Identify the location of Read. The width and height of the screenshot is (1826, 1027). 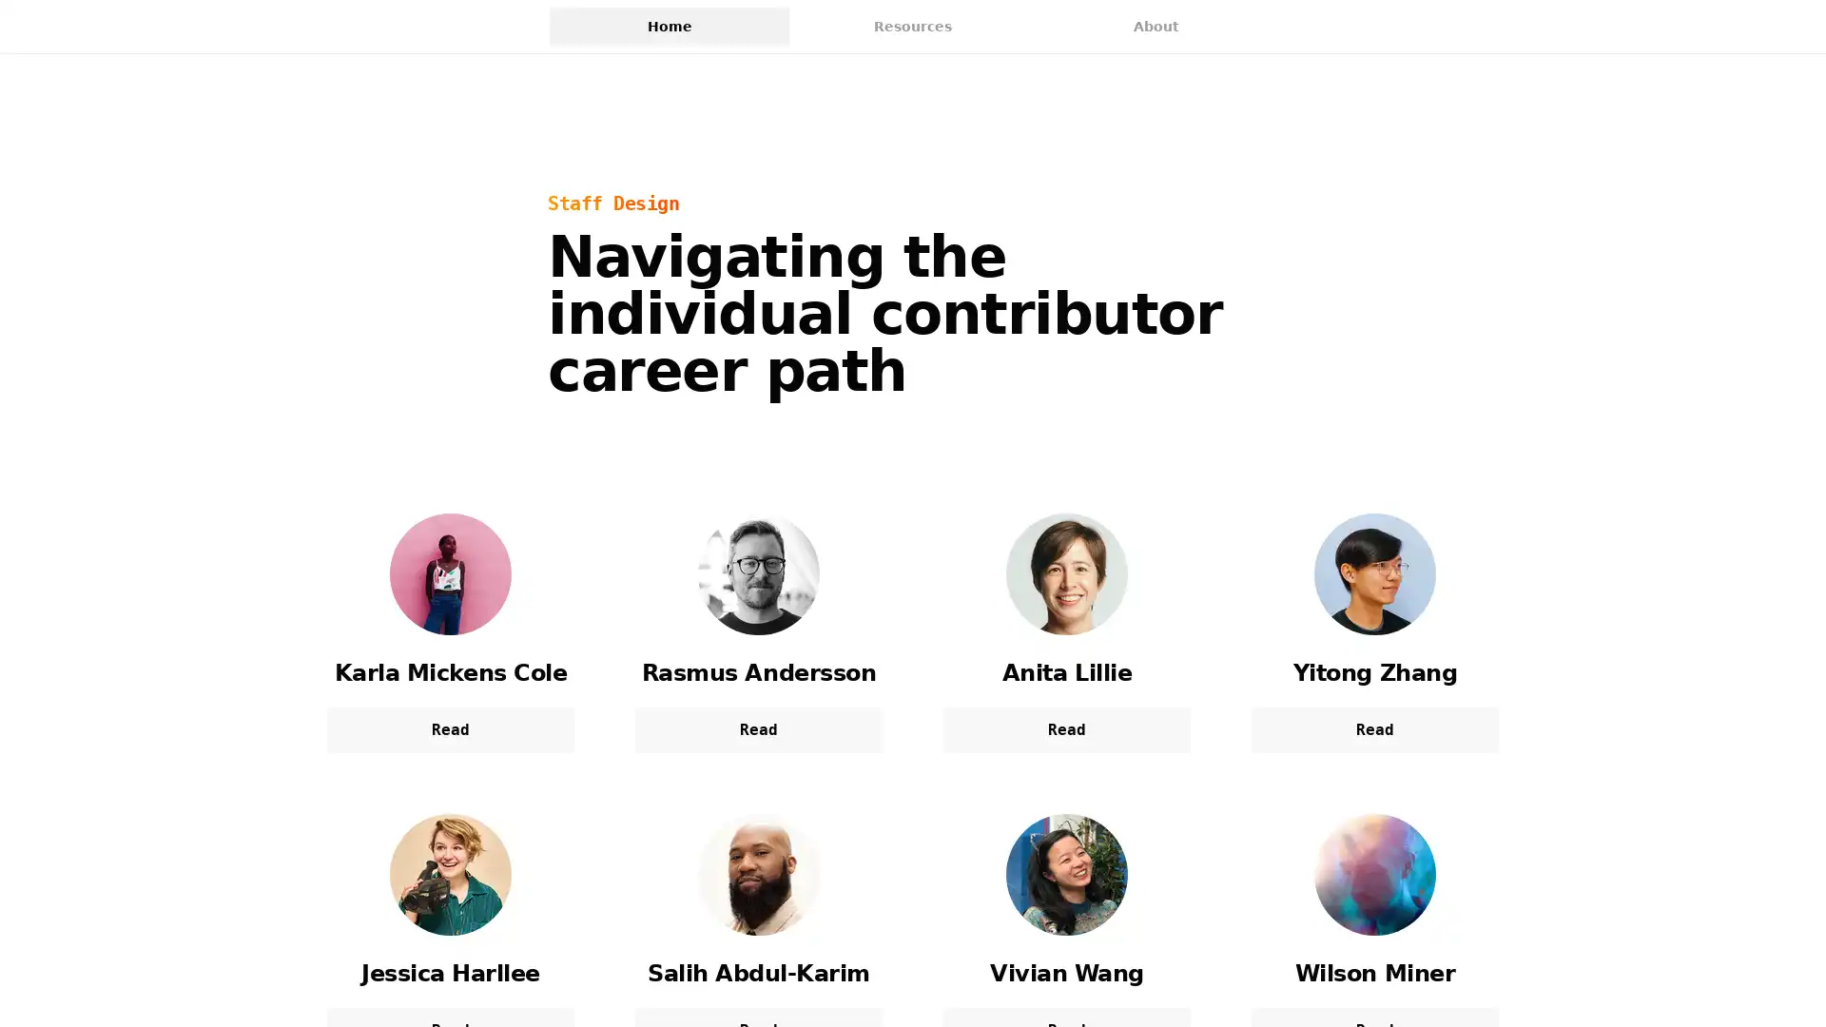
(1067, 728).